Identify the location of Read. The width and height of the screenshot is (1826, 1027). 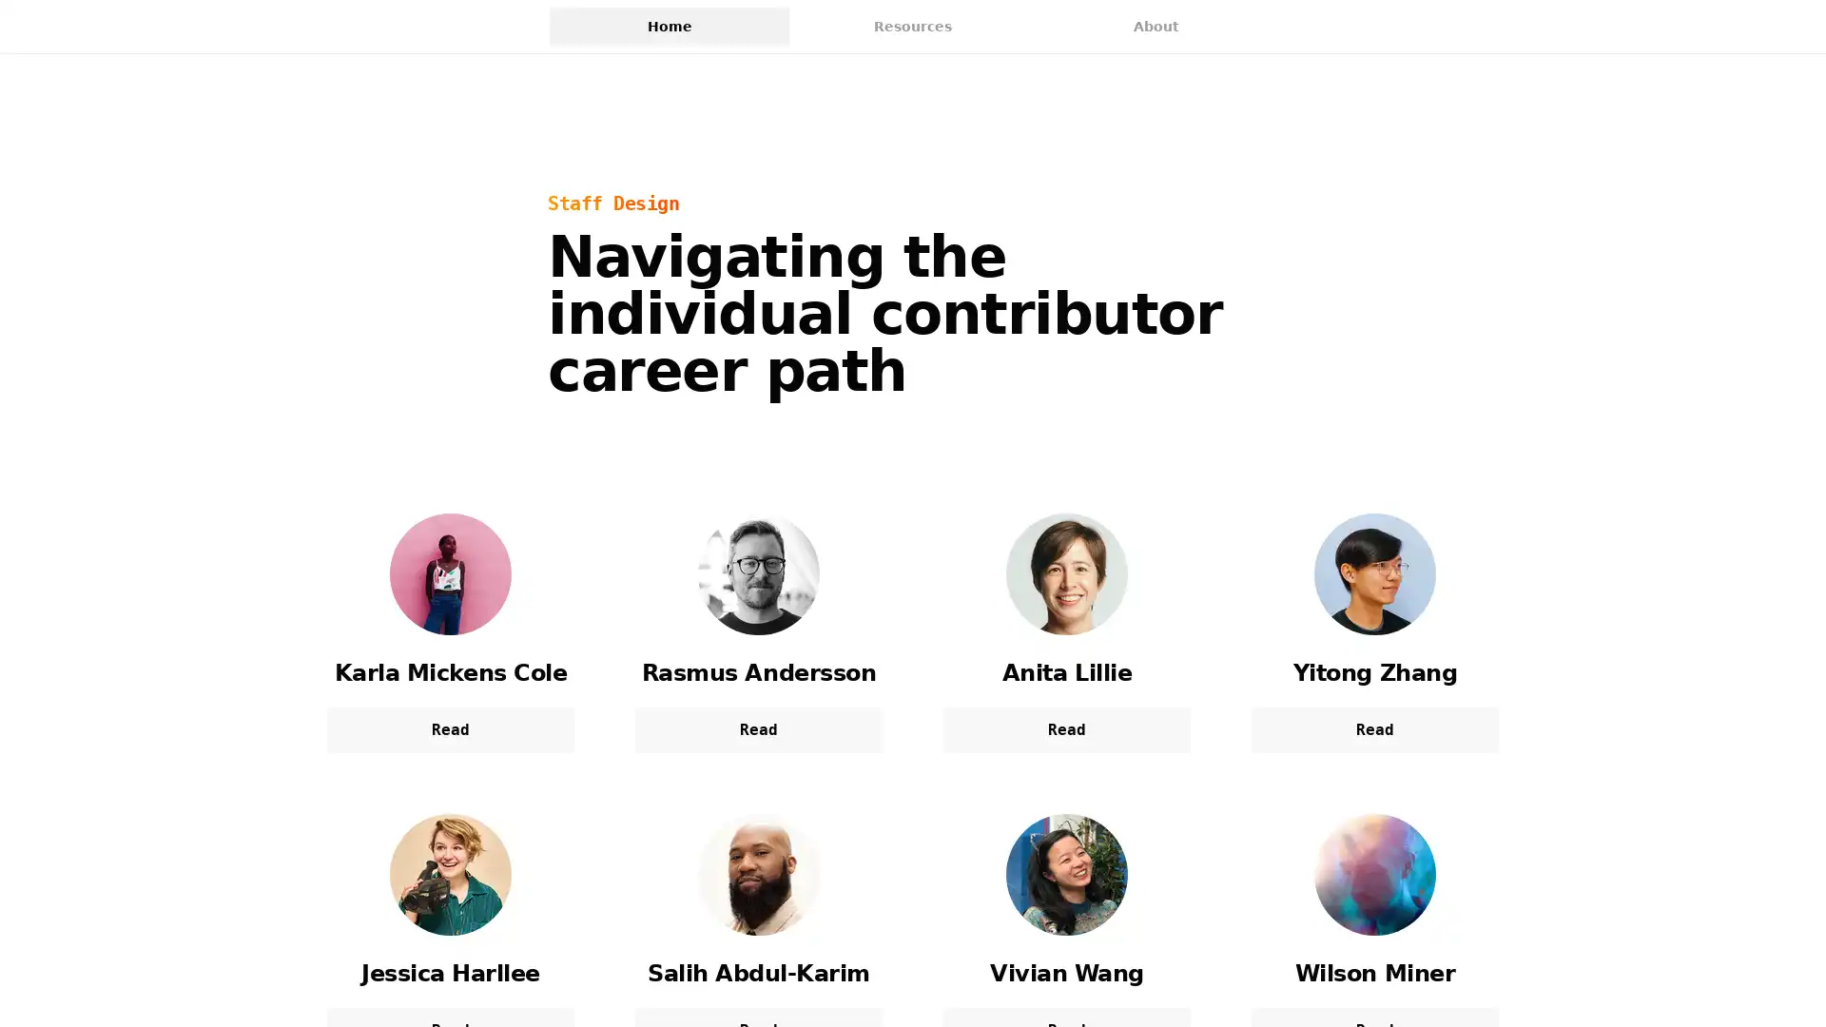
(1067, 728).